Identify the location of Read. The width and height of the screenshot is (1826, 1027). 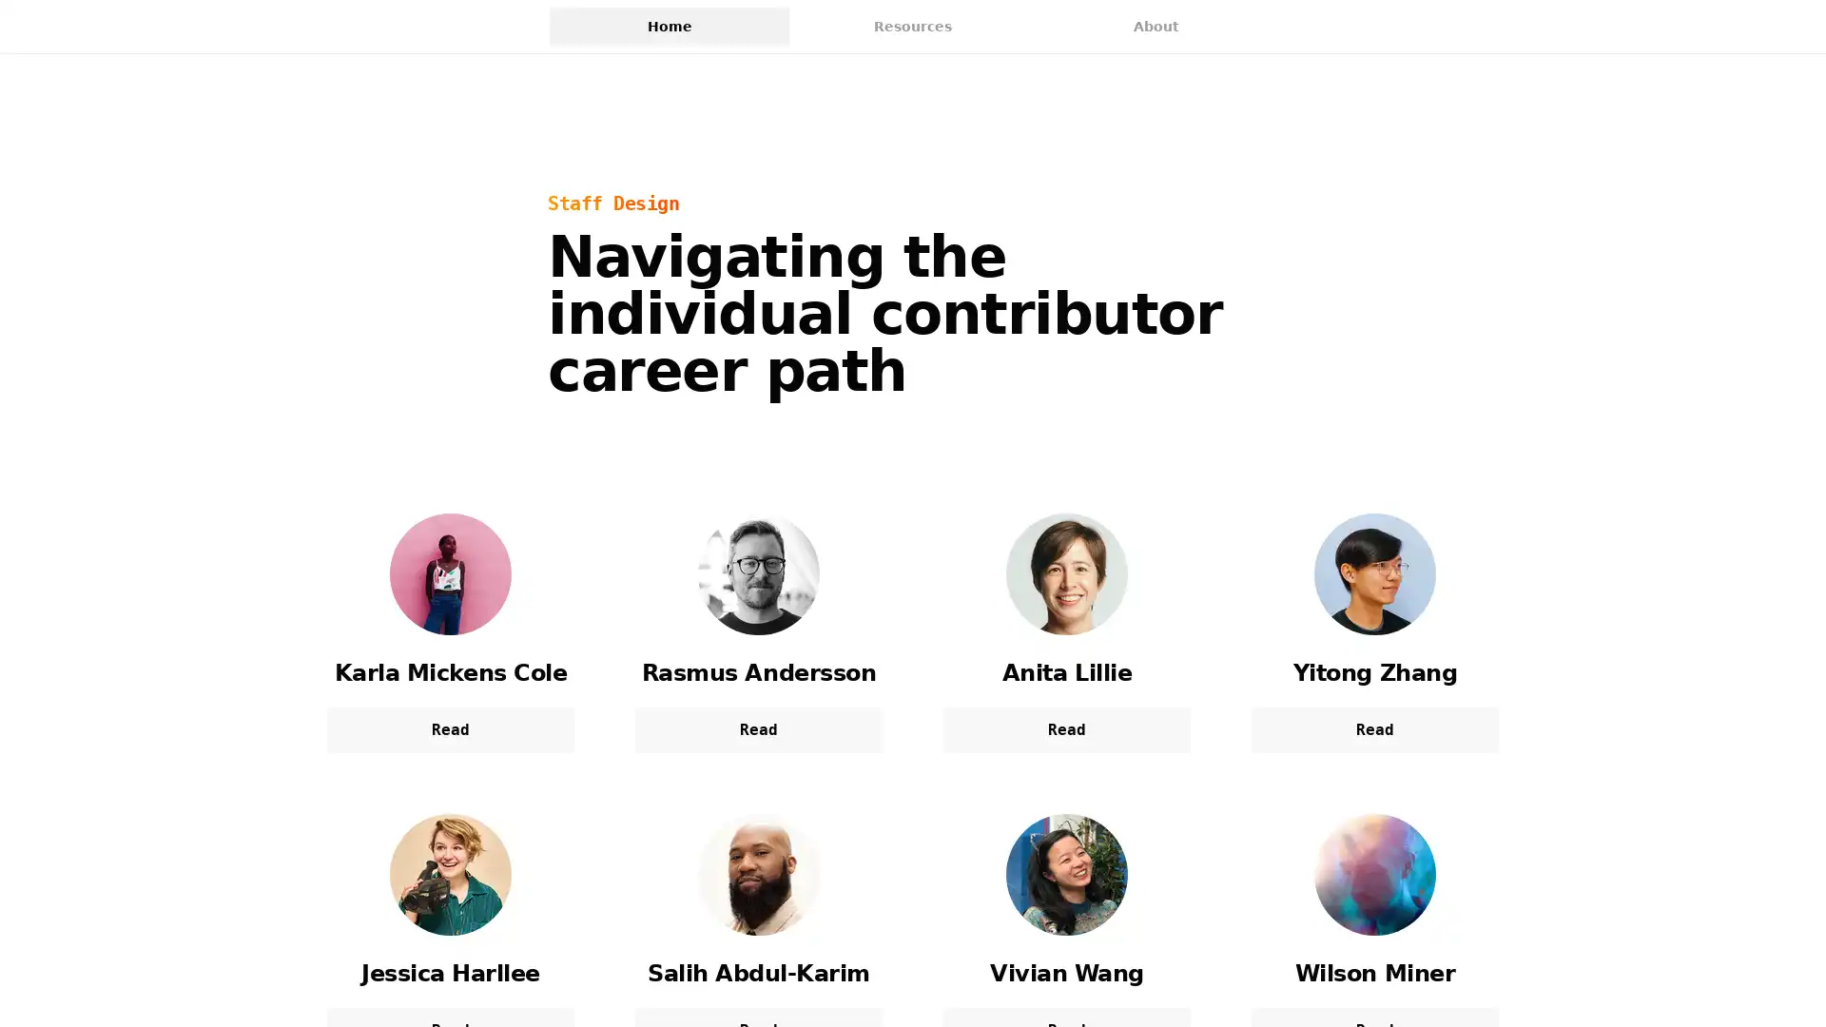
(1067, 728).